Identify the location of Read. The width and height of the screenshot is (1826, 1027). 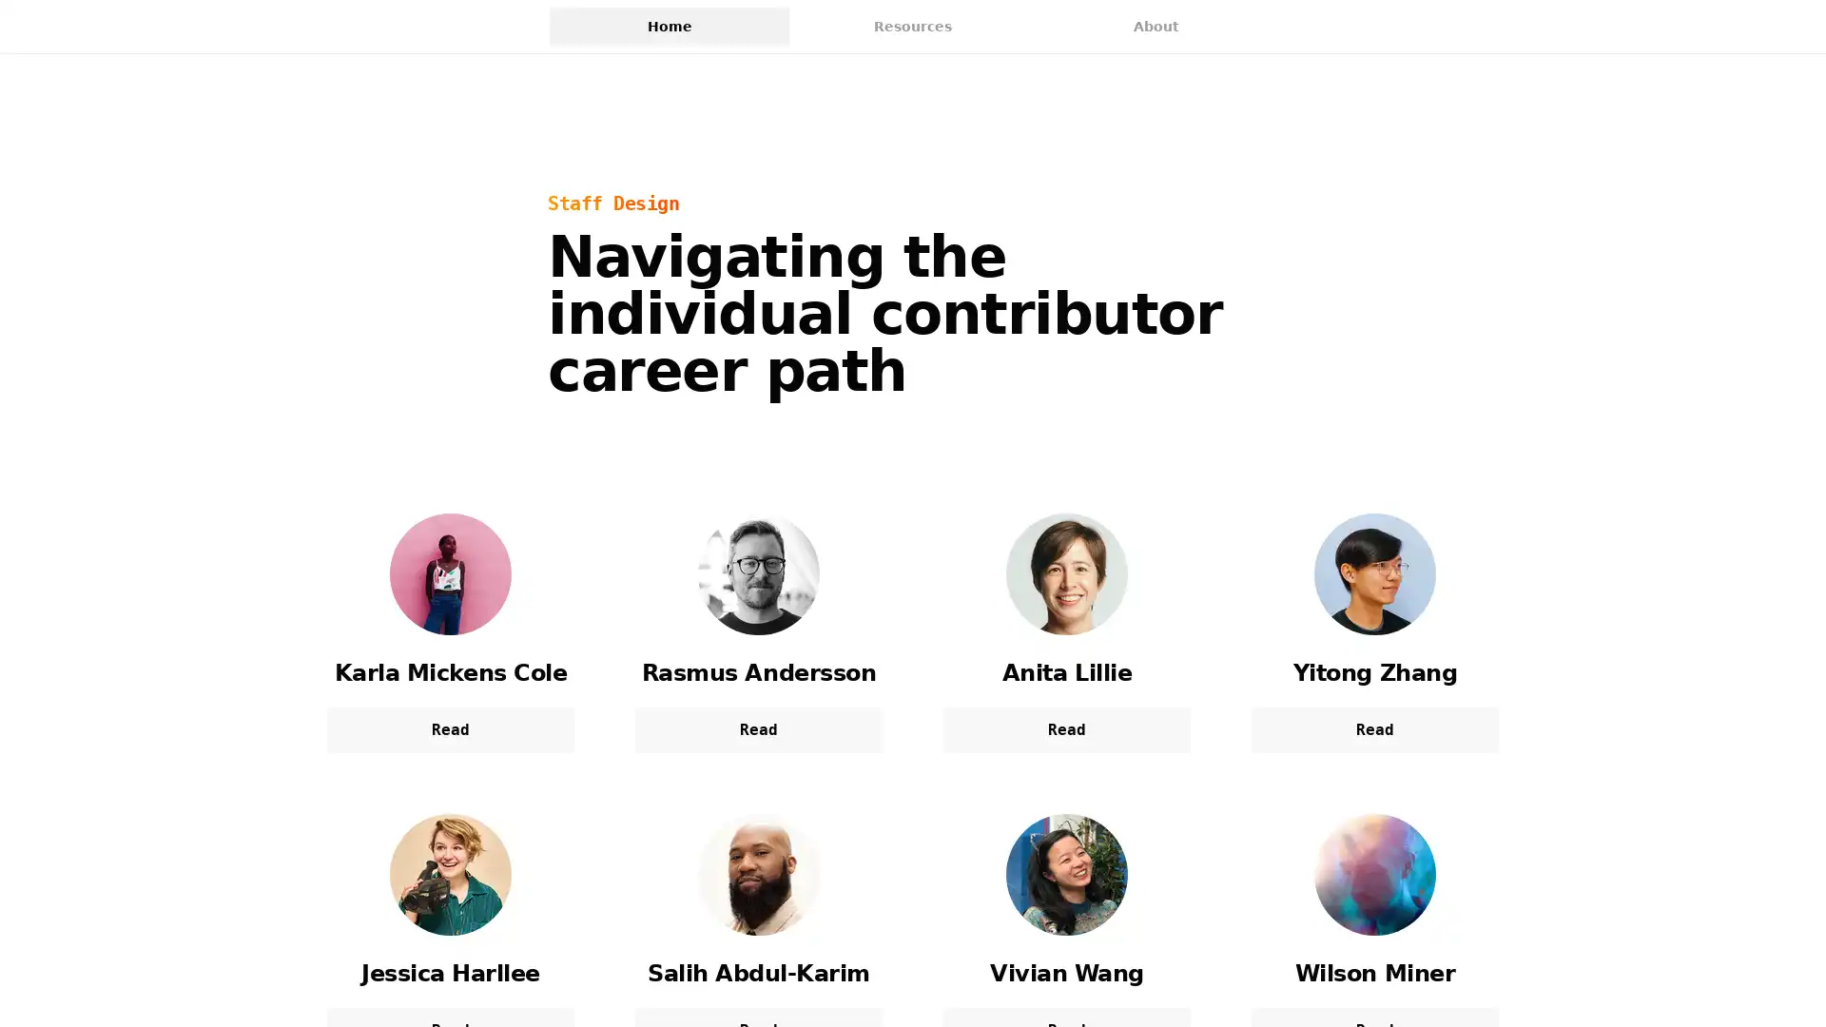
(1067, 728).